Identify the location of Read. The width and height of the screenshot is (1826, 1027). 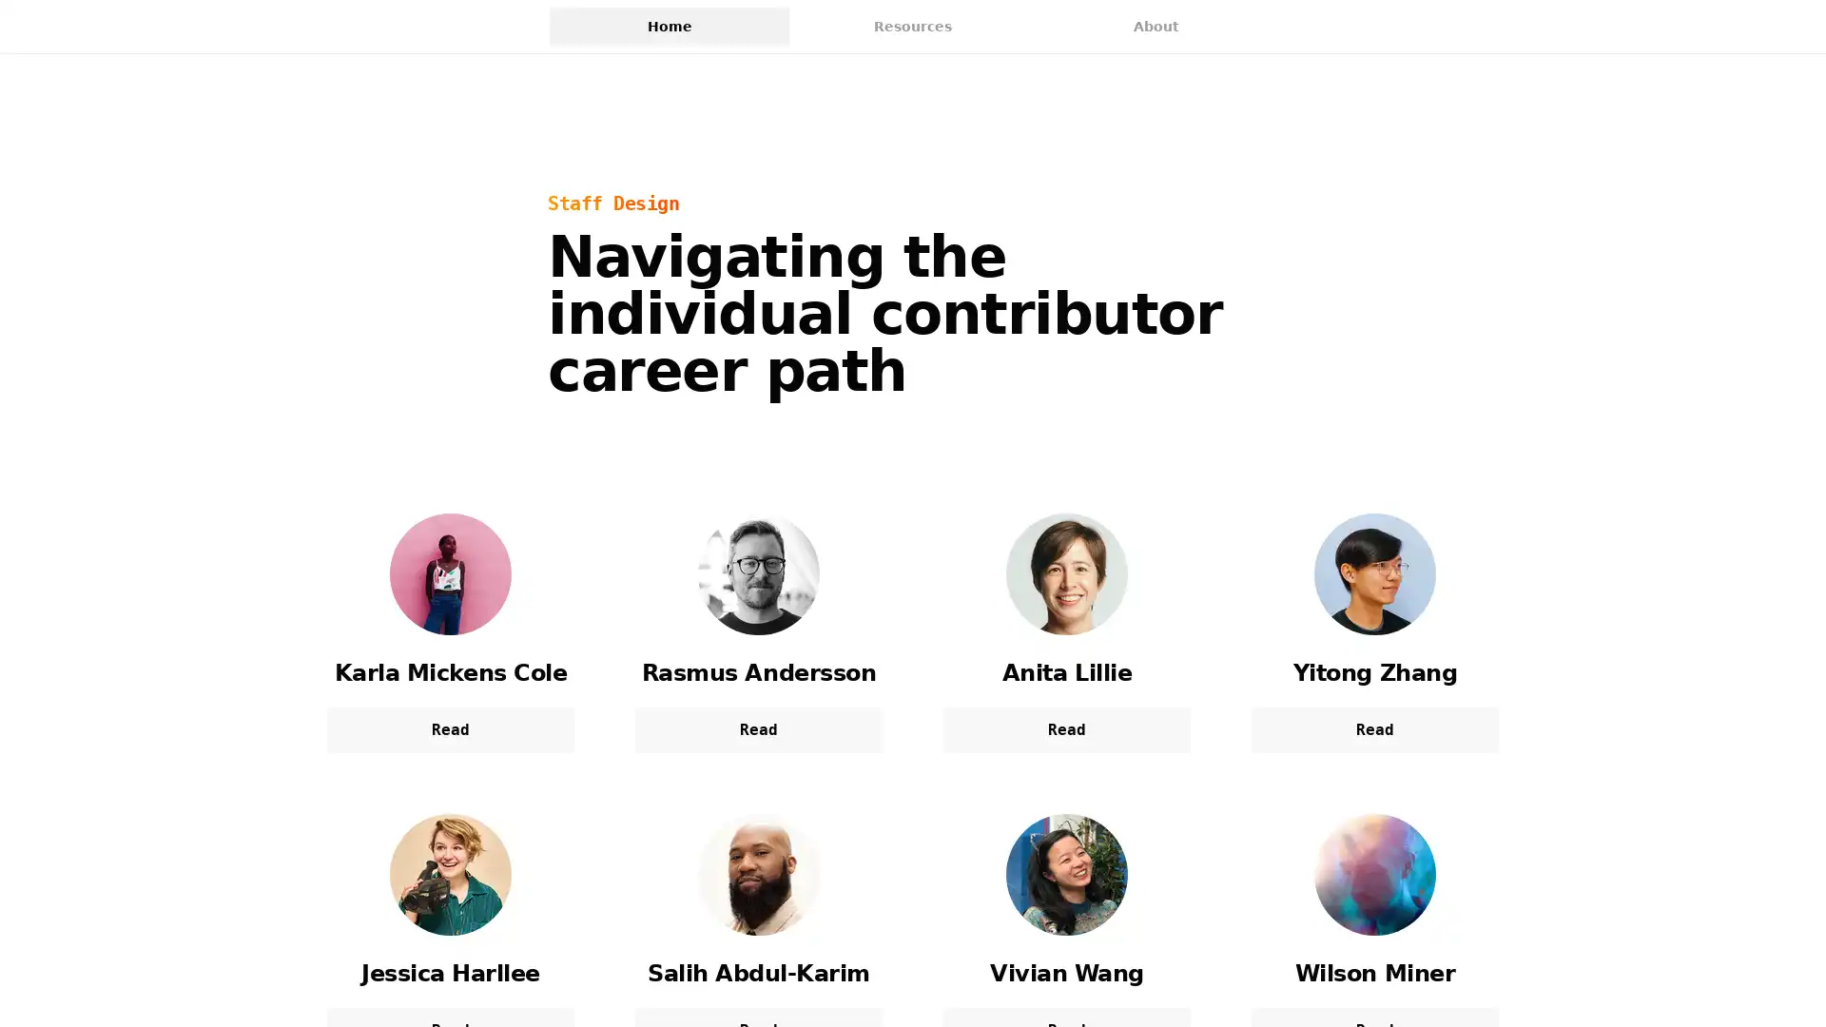
(1067, 728).